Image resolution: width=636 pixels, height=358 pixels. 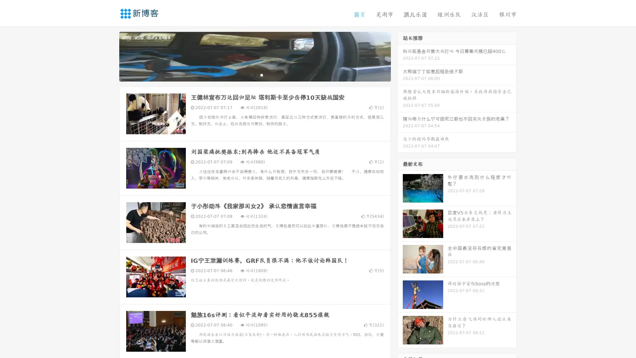 What do you see at coordinates (400, 56) in the screenshot?
I see `Next slide` at bounding box center [400, 56].